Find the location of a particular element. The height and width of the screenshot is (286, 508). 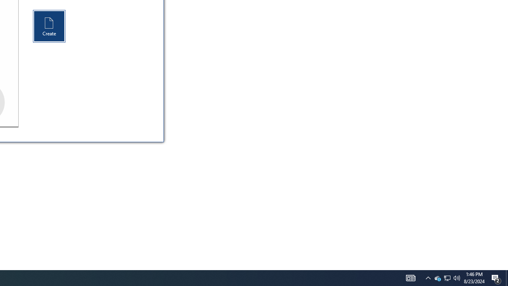

'User Promoted Notification Area' is located at coordinates (447, 277).